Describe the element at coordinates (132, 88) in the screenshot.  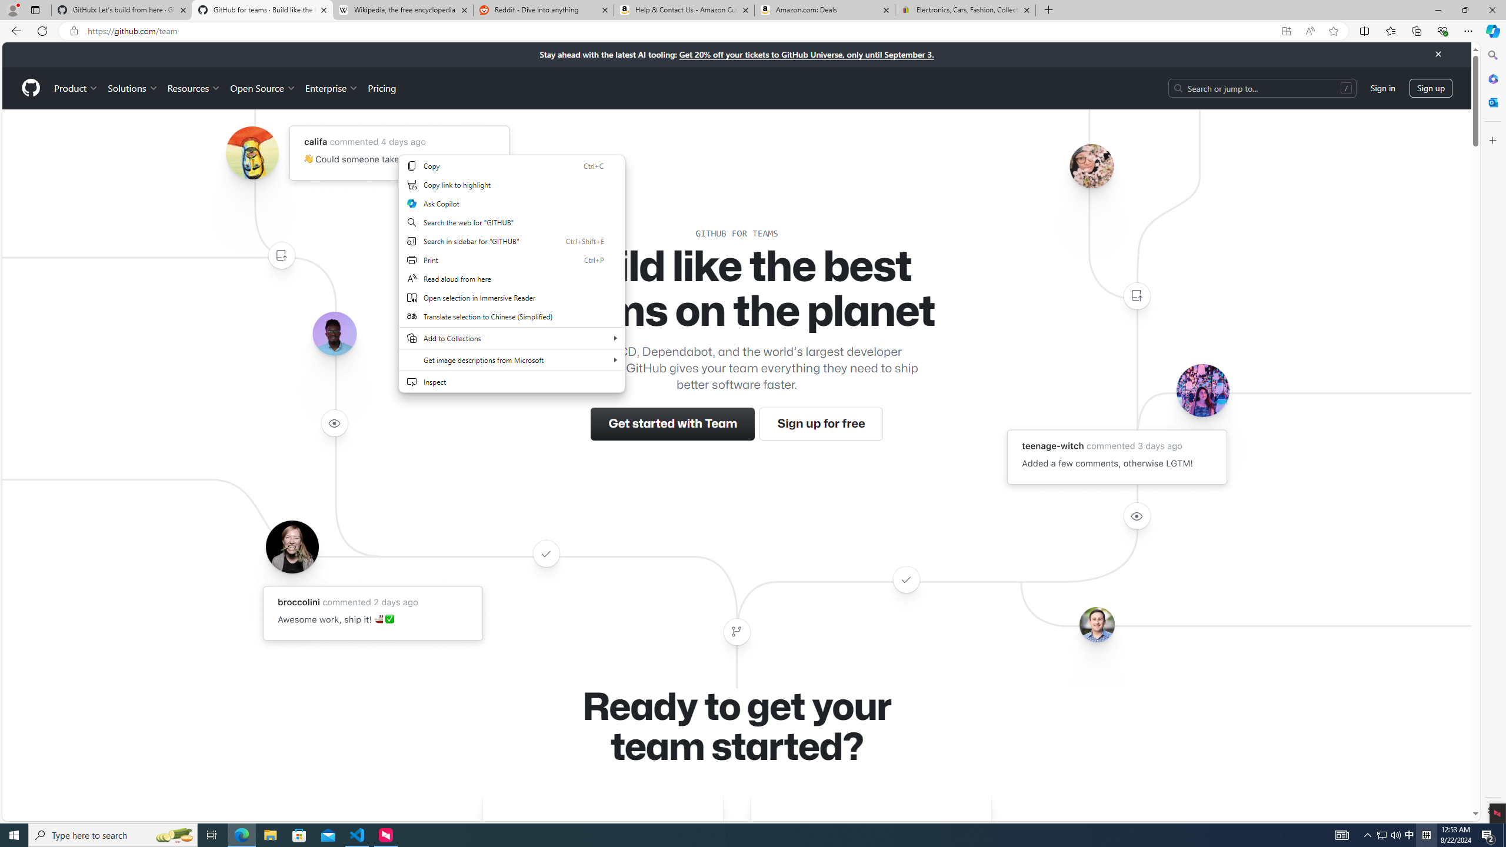
I see `'Solutions'` at that location.